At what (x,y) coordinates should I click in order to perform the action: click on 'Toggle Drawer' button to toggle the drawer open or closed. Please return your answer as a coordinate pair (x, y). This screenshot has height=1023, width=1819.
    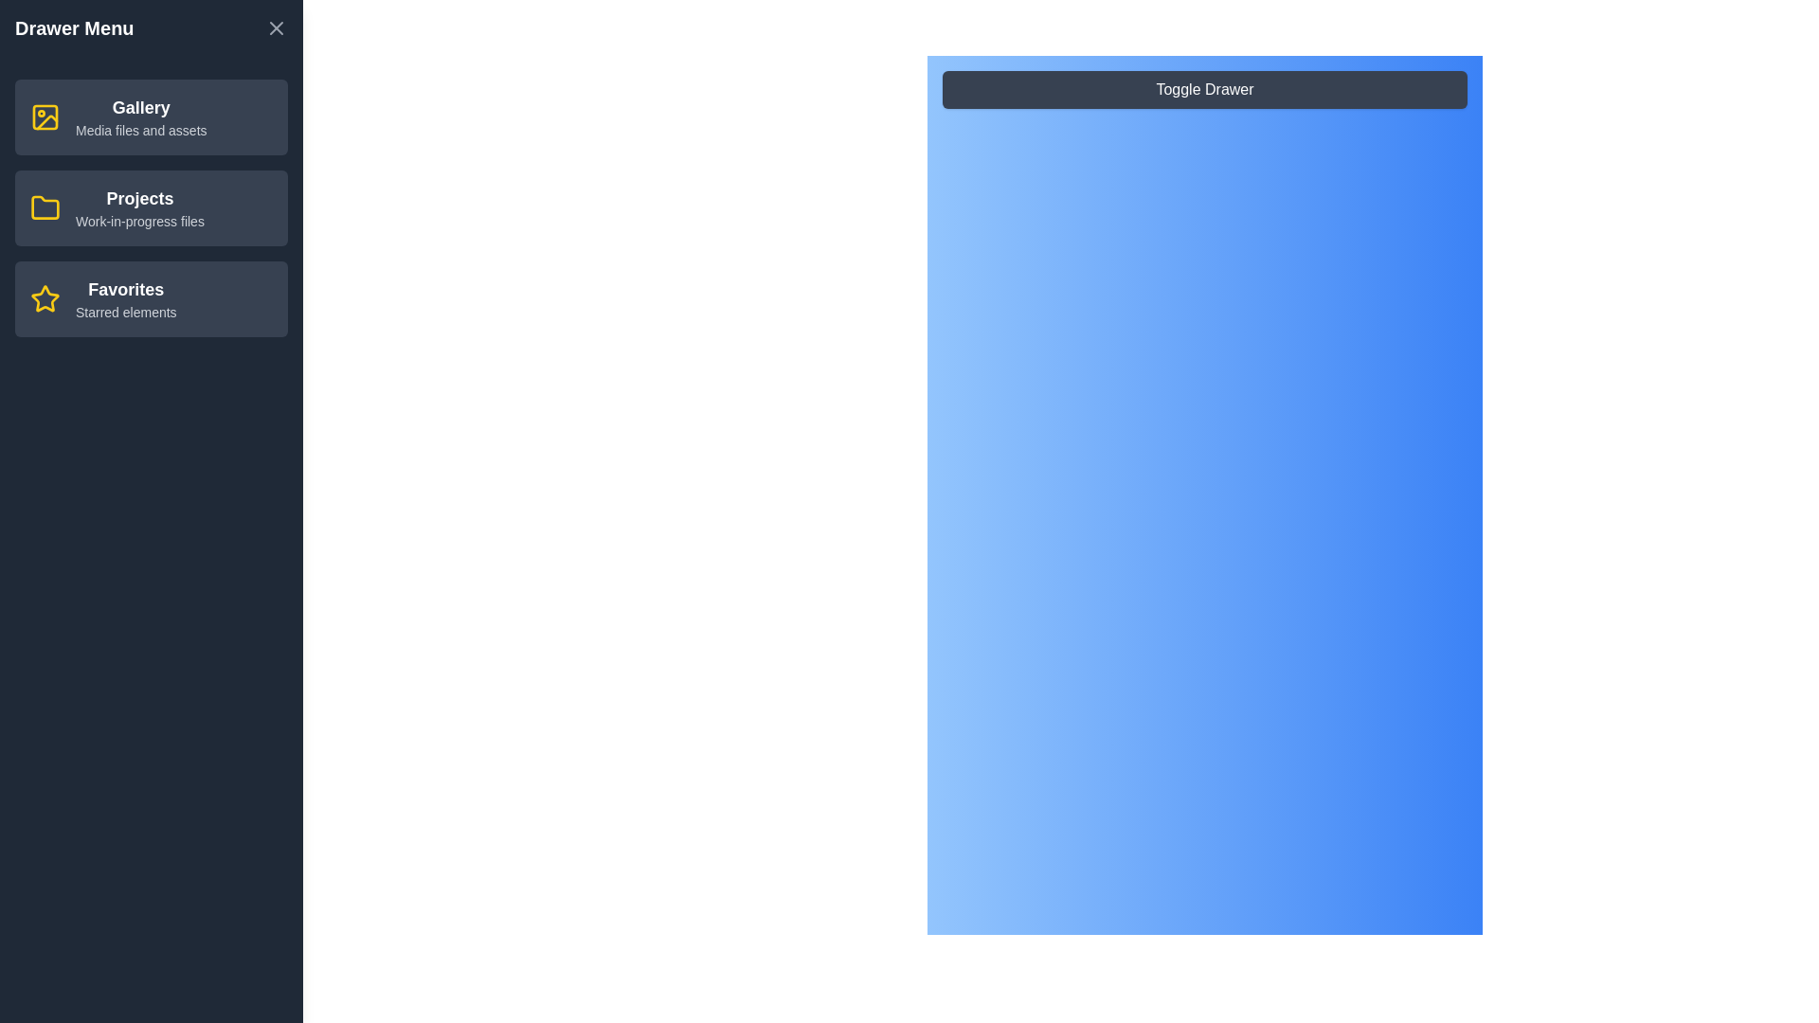
    Looking at the image, I should click on (1204, 90).